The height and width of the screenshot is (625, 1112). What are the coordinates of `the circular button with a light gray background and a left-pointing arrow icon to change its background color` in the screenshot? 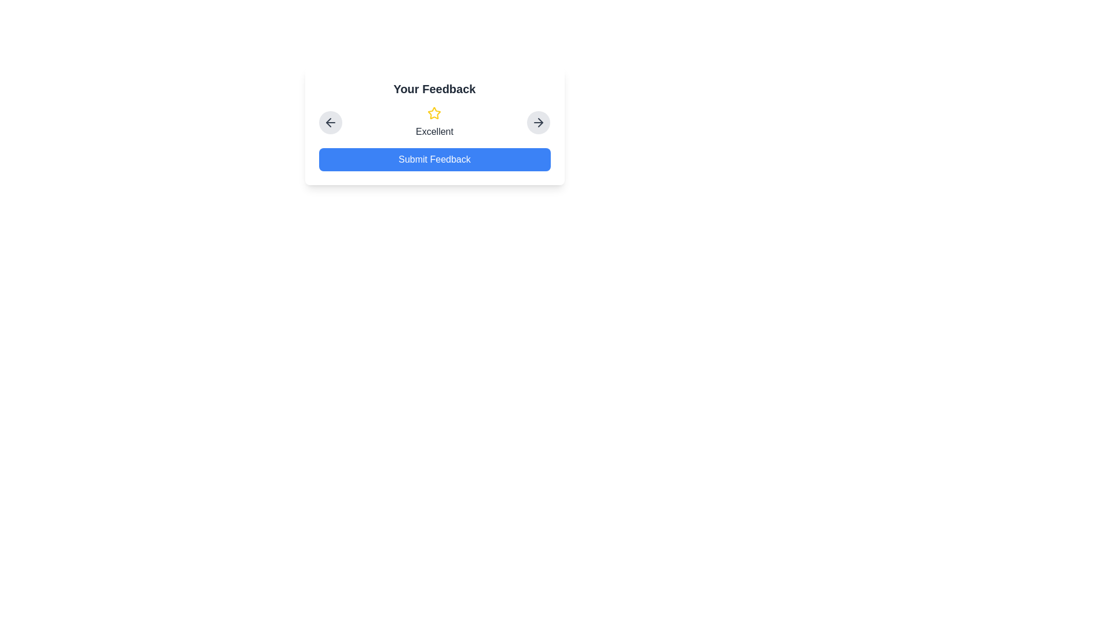 It's located at (330, 123).